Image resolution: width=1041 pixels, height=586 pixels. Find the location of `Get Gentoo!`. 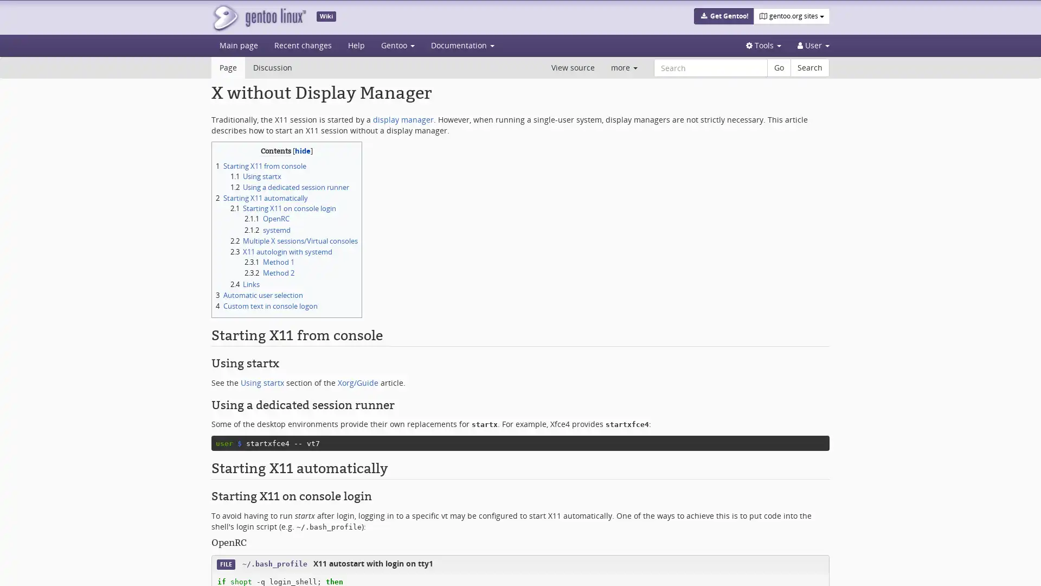

Get Gentoo! is located at coordinates (723, 16).